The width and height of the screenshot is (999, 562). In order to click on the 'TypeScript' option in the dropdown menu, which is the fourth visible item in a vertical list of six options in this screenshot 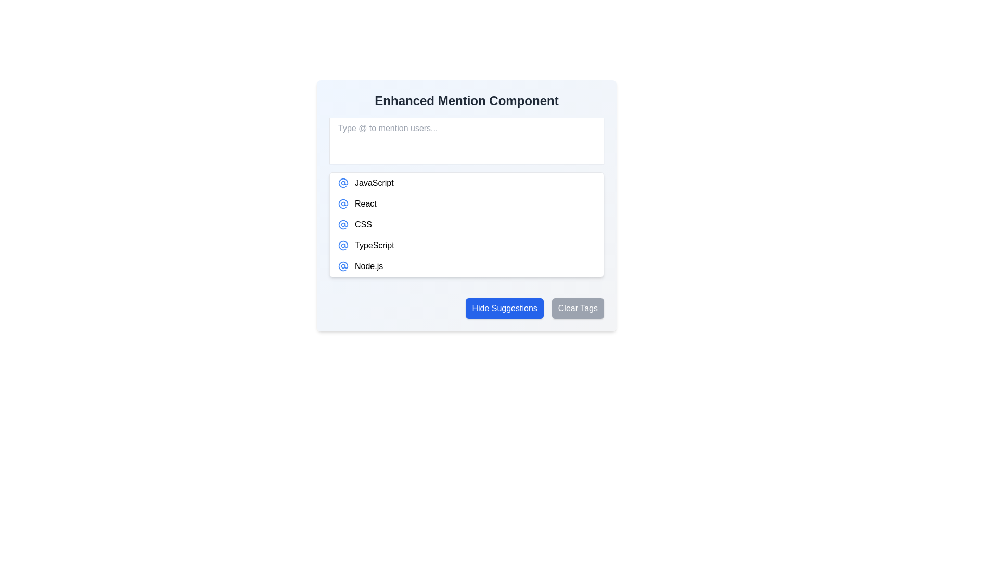, I will do `click(466, 245)`.